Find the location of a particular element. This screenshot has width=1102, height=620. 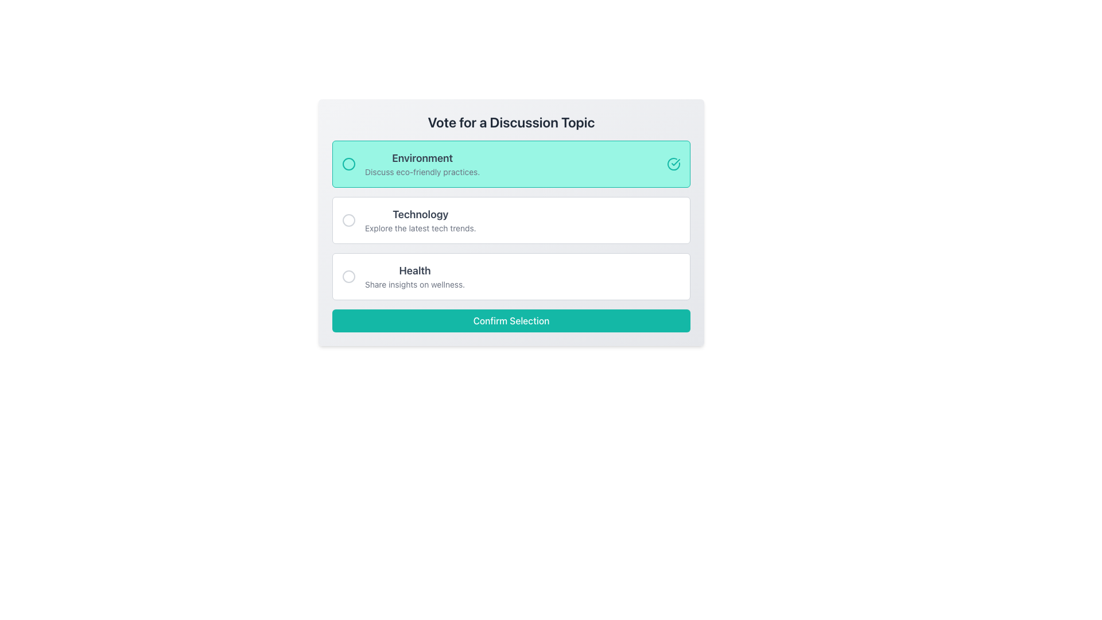

the circular radio button indicator with a thin teal-colored border adjacent to the 'Environment' text is located at coordinates (348, 164).